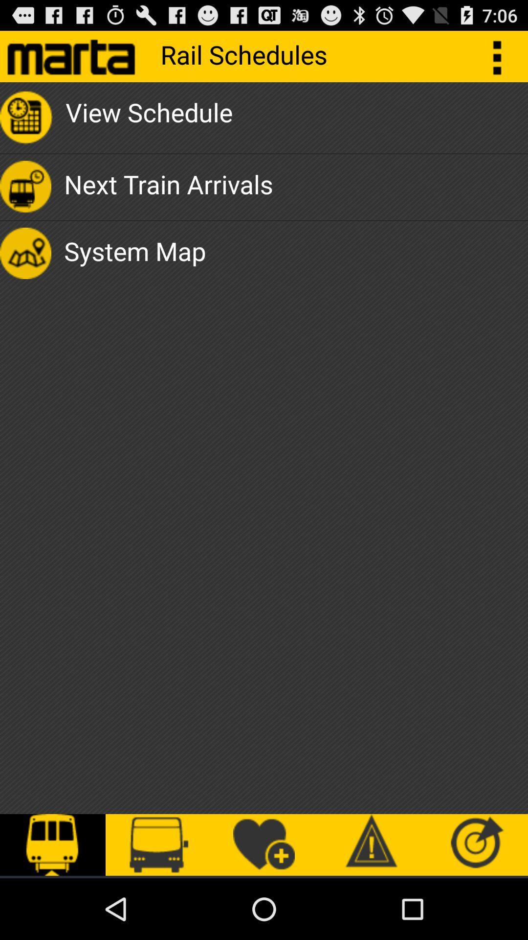 This screenshot has height=940, width=528. Describe the element at coordinates (135, 253) in the screenshot. I see `system map` at that location.